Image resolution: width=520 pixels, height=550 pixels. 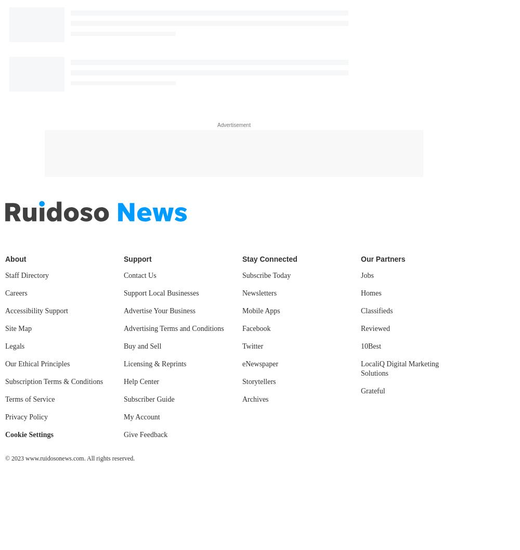 What do you see at coordinates (160, 310) in the screenshot?
I see `'Advertise Your Business'` at bounding box center [160, 310].